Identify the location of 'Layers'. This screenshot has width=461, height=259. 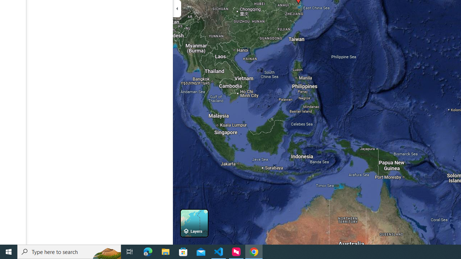
(194, 223).